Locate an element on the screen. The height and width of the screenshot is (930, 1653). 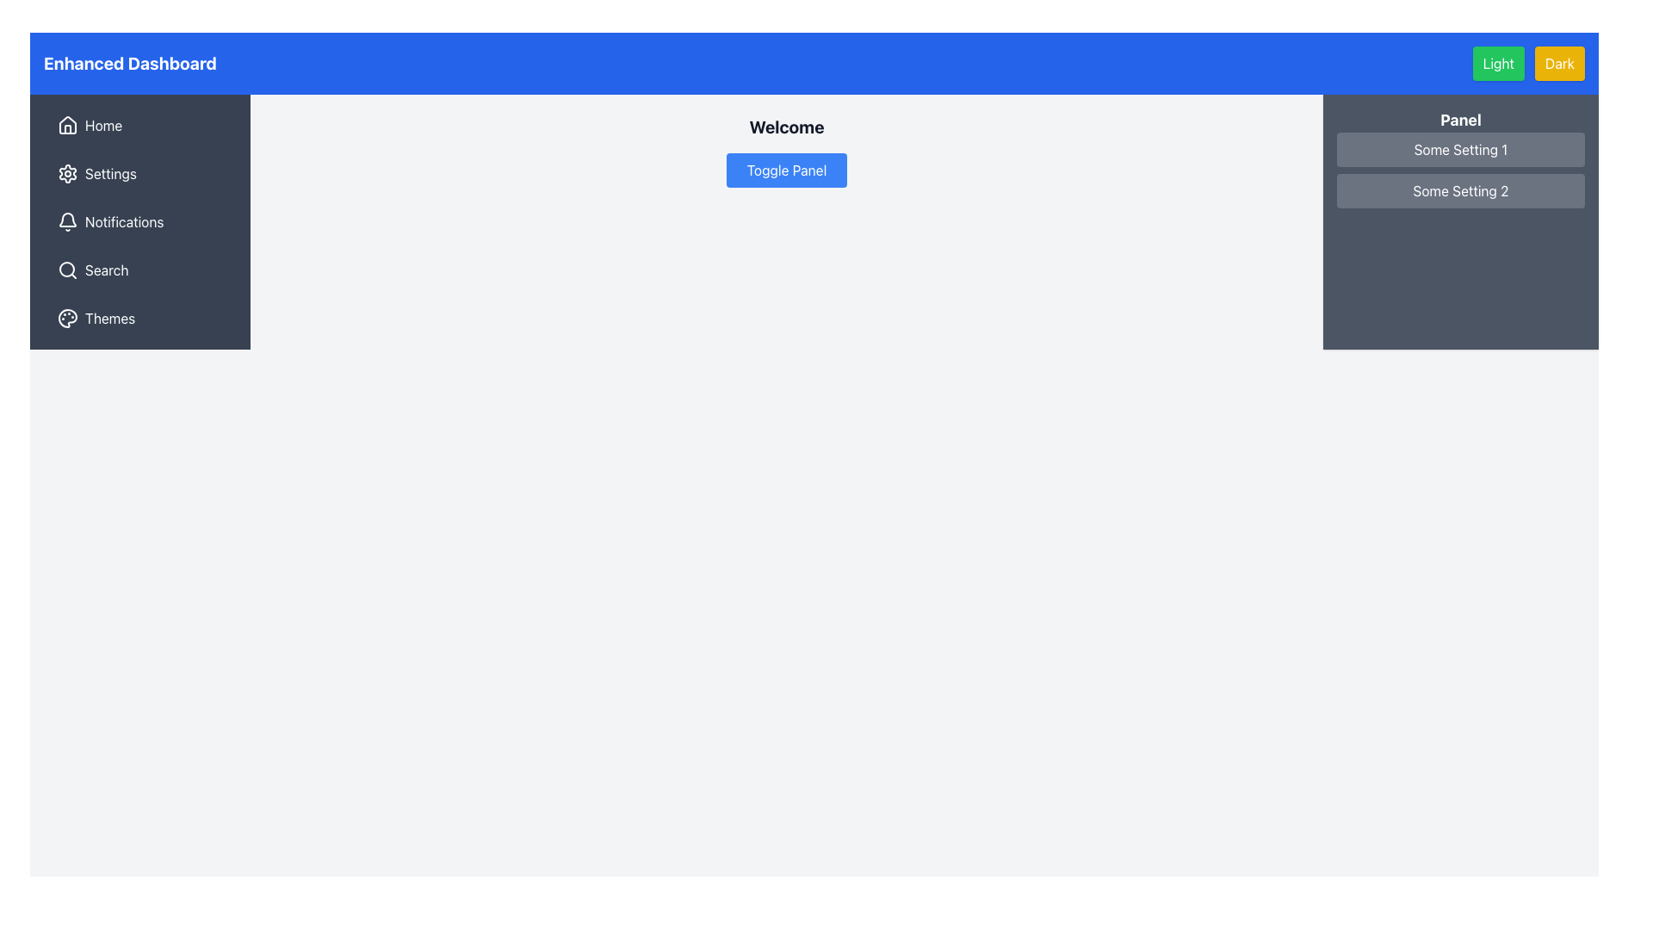
the settings panel located on the far right side of the interface, which is aligned with the top navigation bar and has a blue-colored bar at the top is located at coordinates (1460, 221).